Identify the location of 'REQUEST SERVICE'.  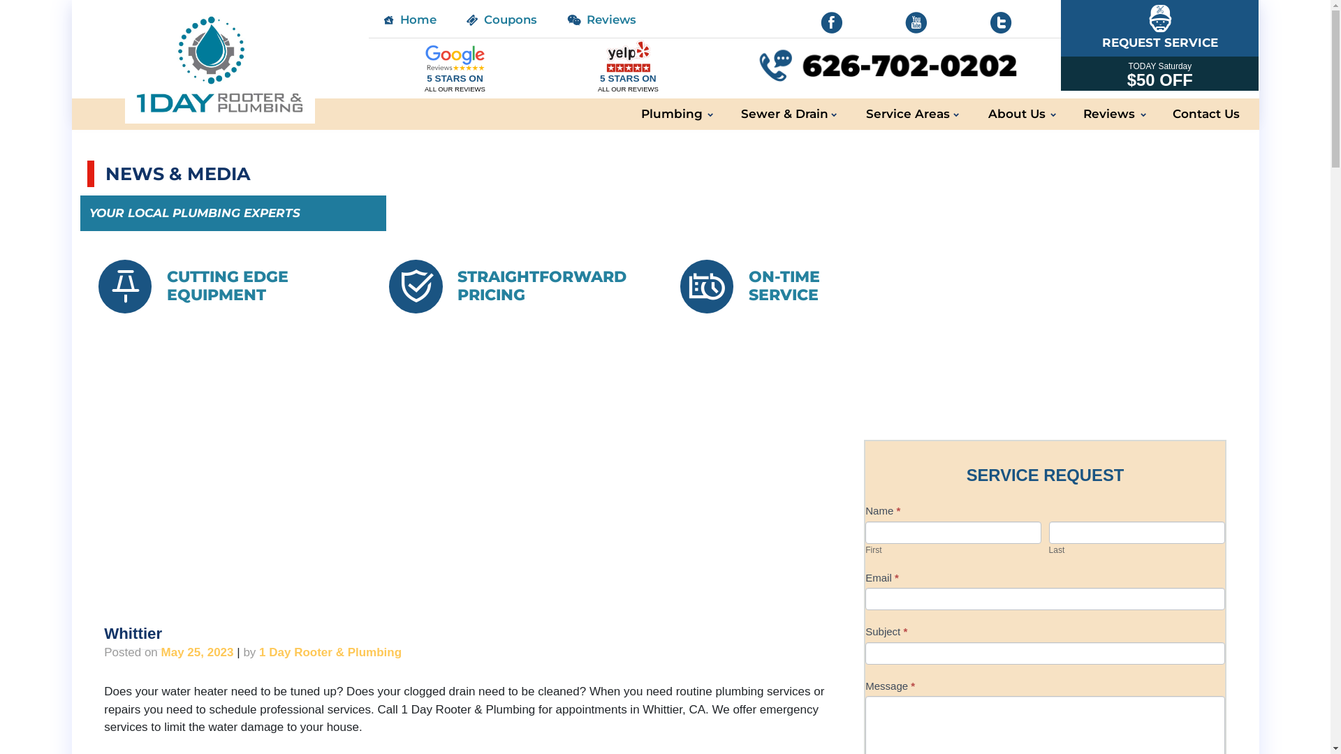
(1159, 28).